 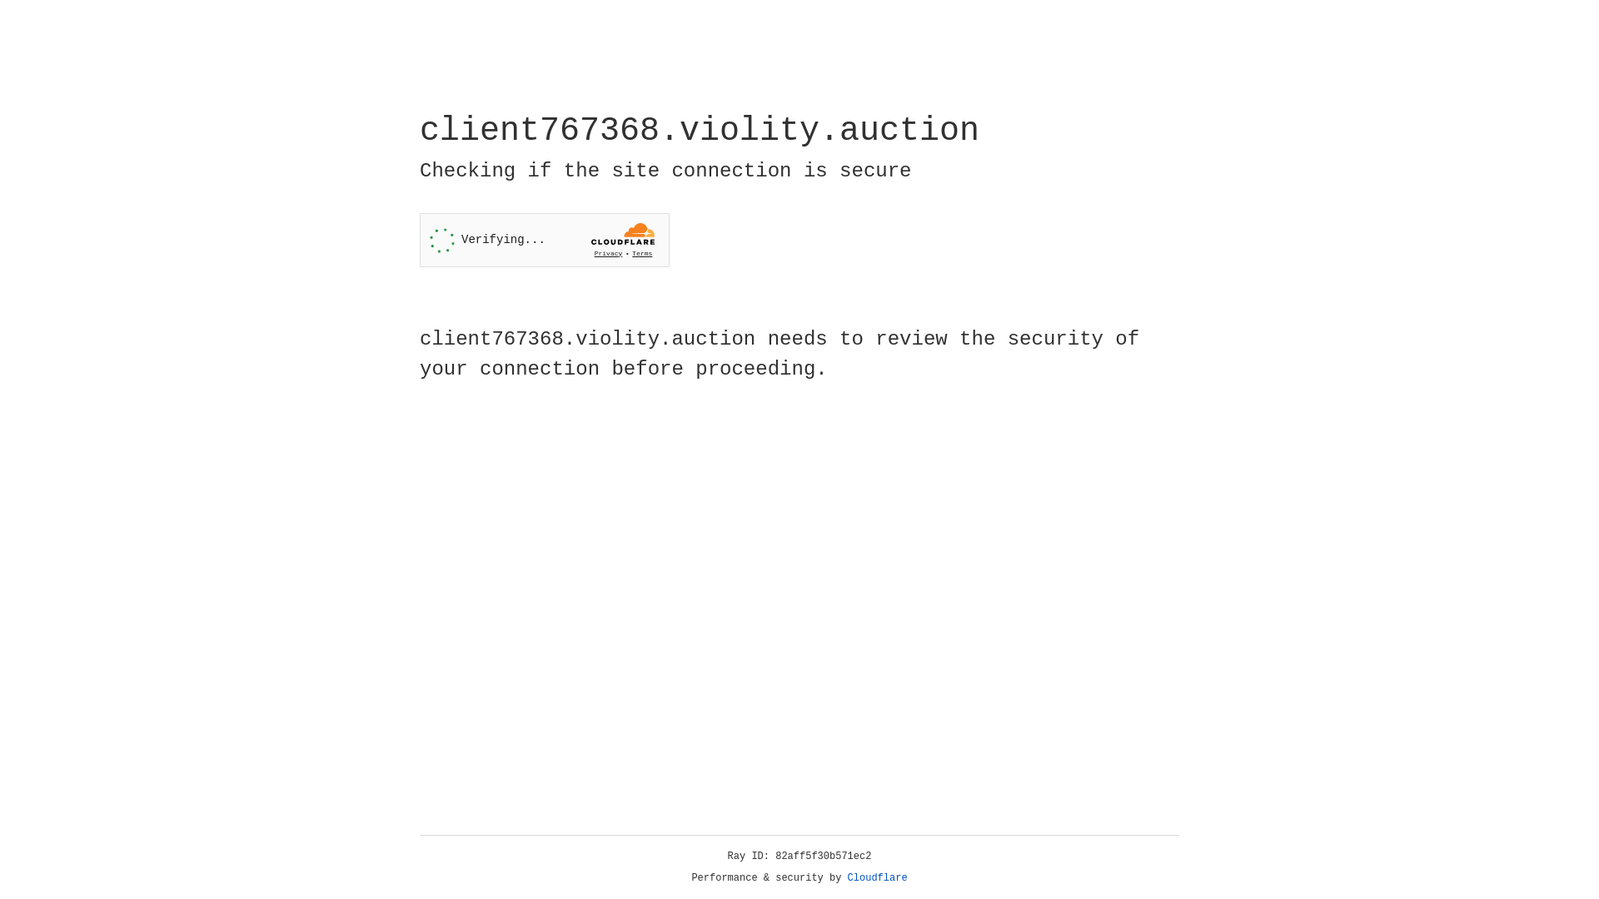 What do you see at coordinates (544, 240) in the screenshot?
I see `'Widget containing a Cloudflare security challenge'` at bounding box center [544, 240].